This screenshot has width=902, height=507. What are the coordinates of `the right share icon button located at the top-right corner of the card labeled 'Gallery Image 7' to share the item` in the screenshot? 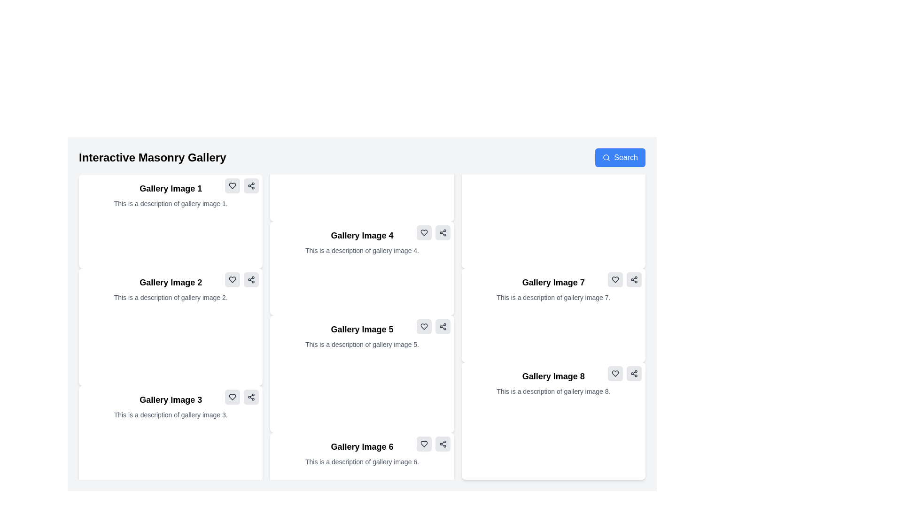 It's located at (624, 279).